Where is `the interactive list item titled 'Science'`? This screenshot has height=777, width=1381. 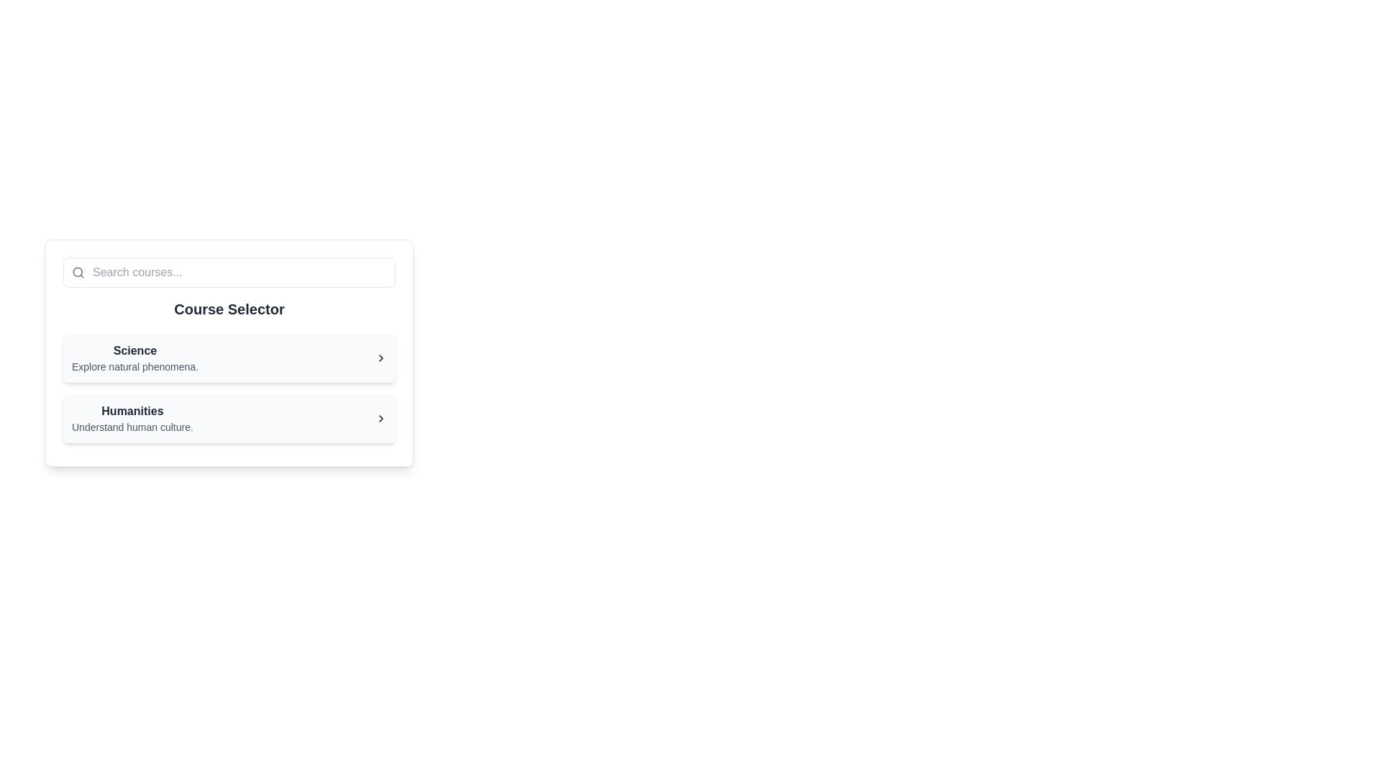
the interactive list item titled 'Science' is located at coordinates (135, 357).